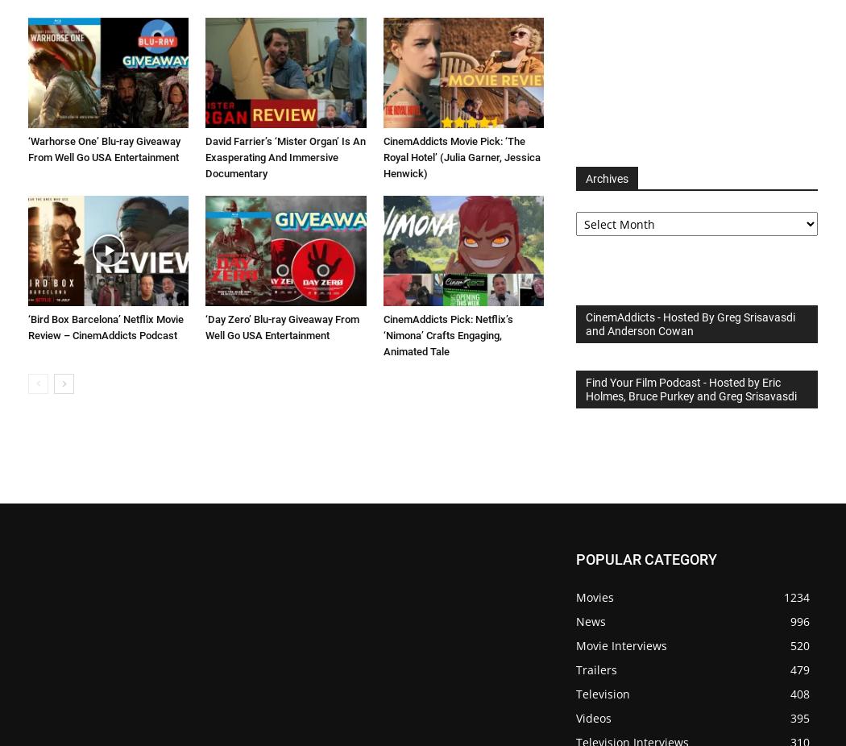 The image size is (846, 746). Describe the element at coordinates (281, 327) in the screenshot. I see `'‘Day Zero’ Blu-ray Giveaway From Well Go USA Entertainment'` at that location.